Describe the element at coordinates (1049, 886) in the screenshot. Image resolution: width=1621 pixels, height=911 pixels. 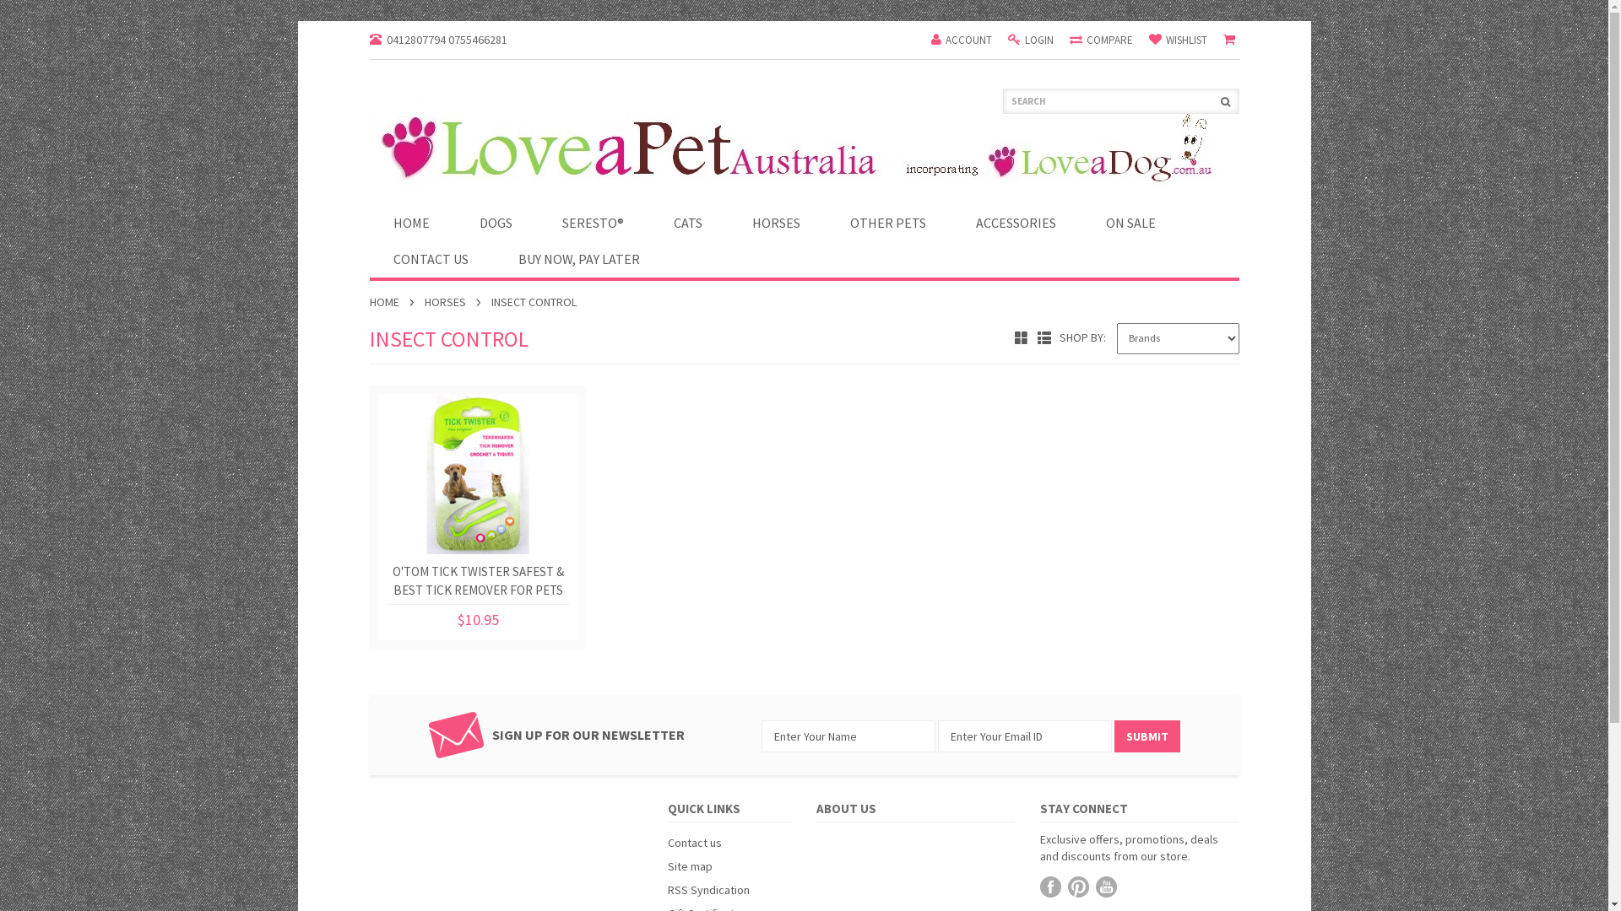
I see `'Facebook'` at that location.